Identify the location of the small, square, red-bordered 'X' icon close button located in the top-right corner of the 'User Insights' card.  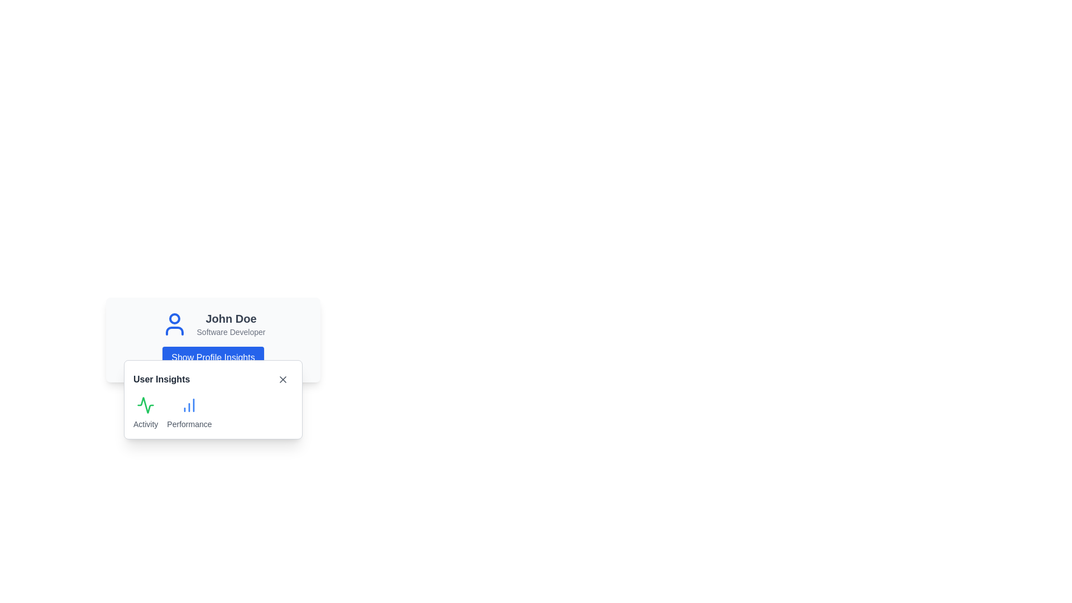
(283, 379).